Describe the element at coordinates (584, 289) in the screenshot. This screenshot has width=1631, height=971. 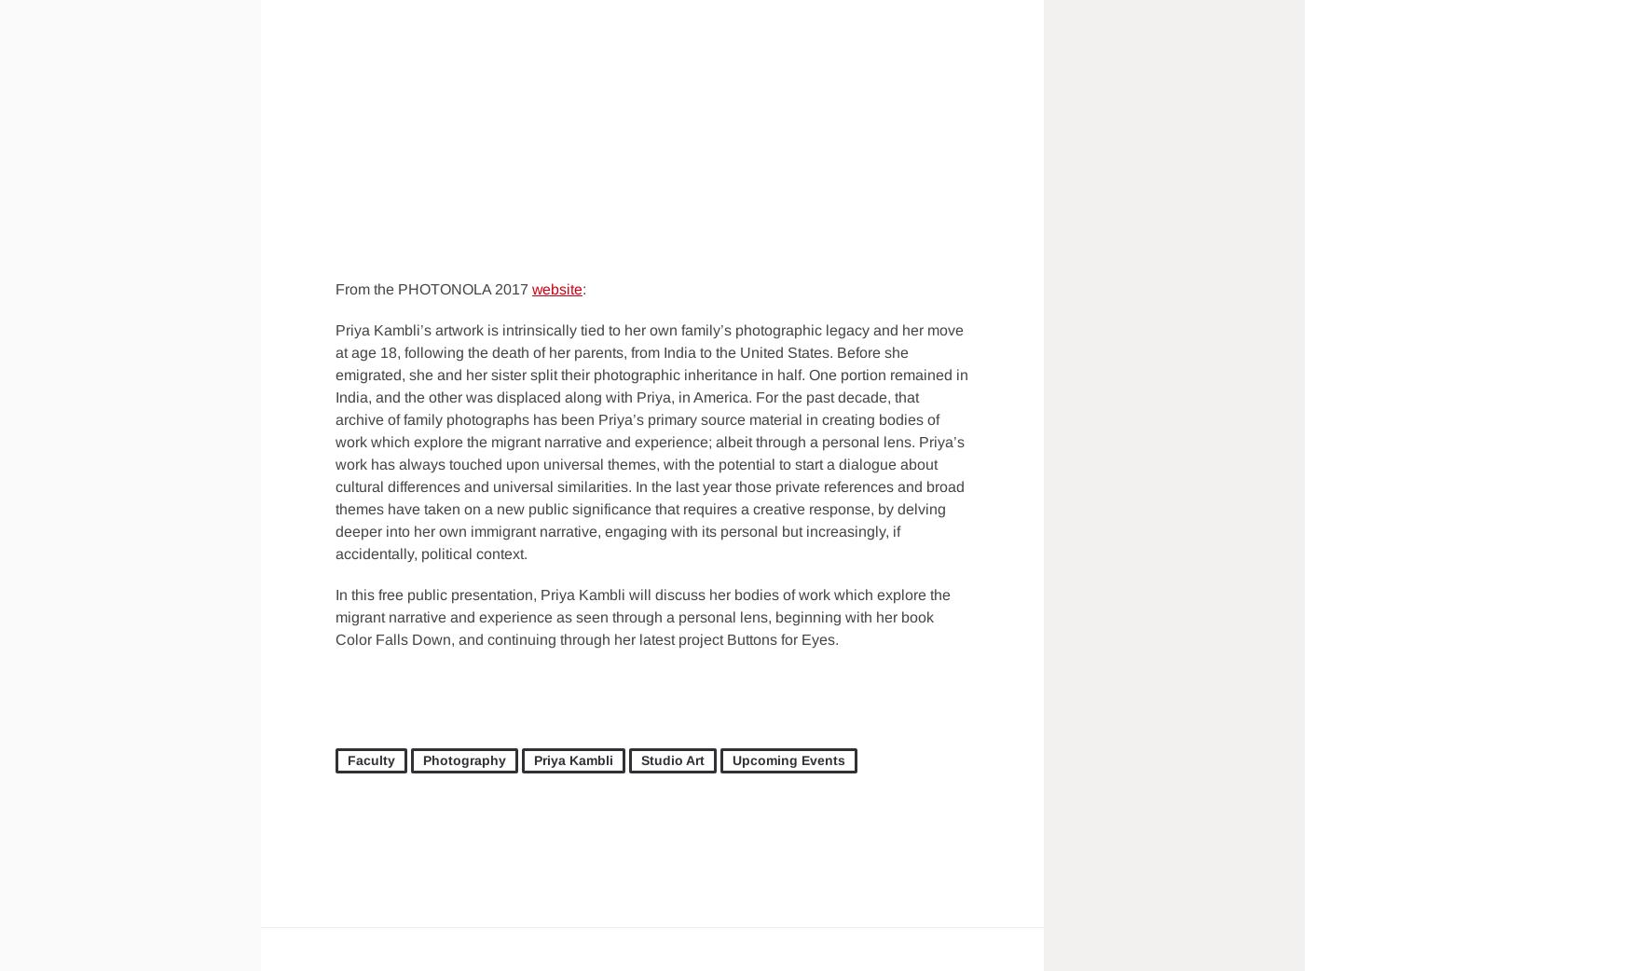
I see `':'` at that location.